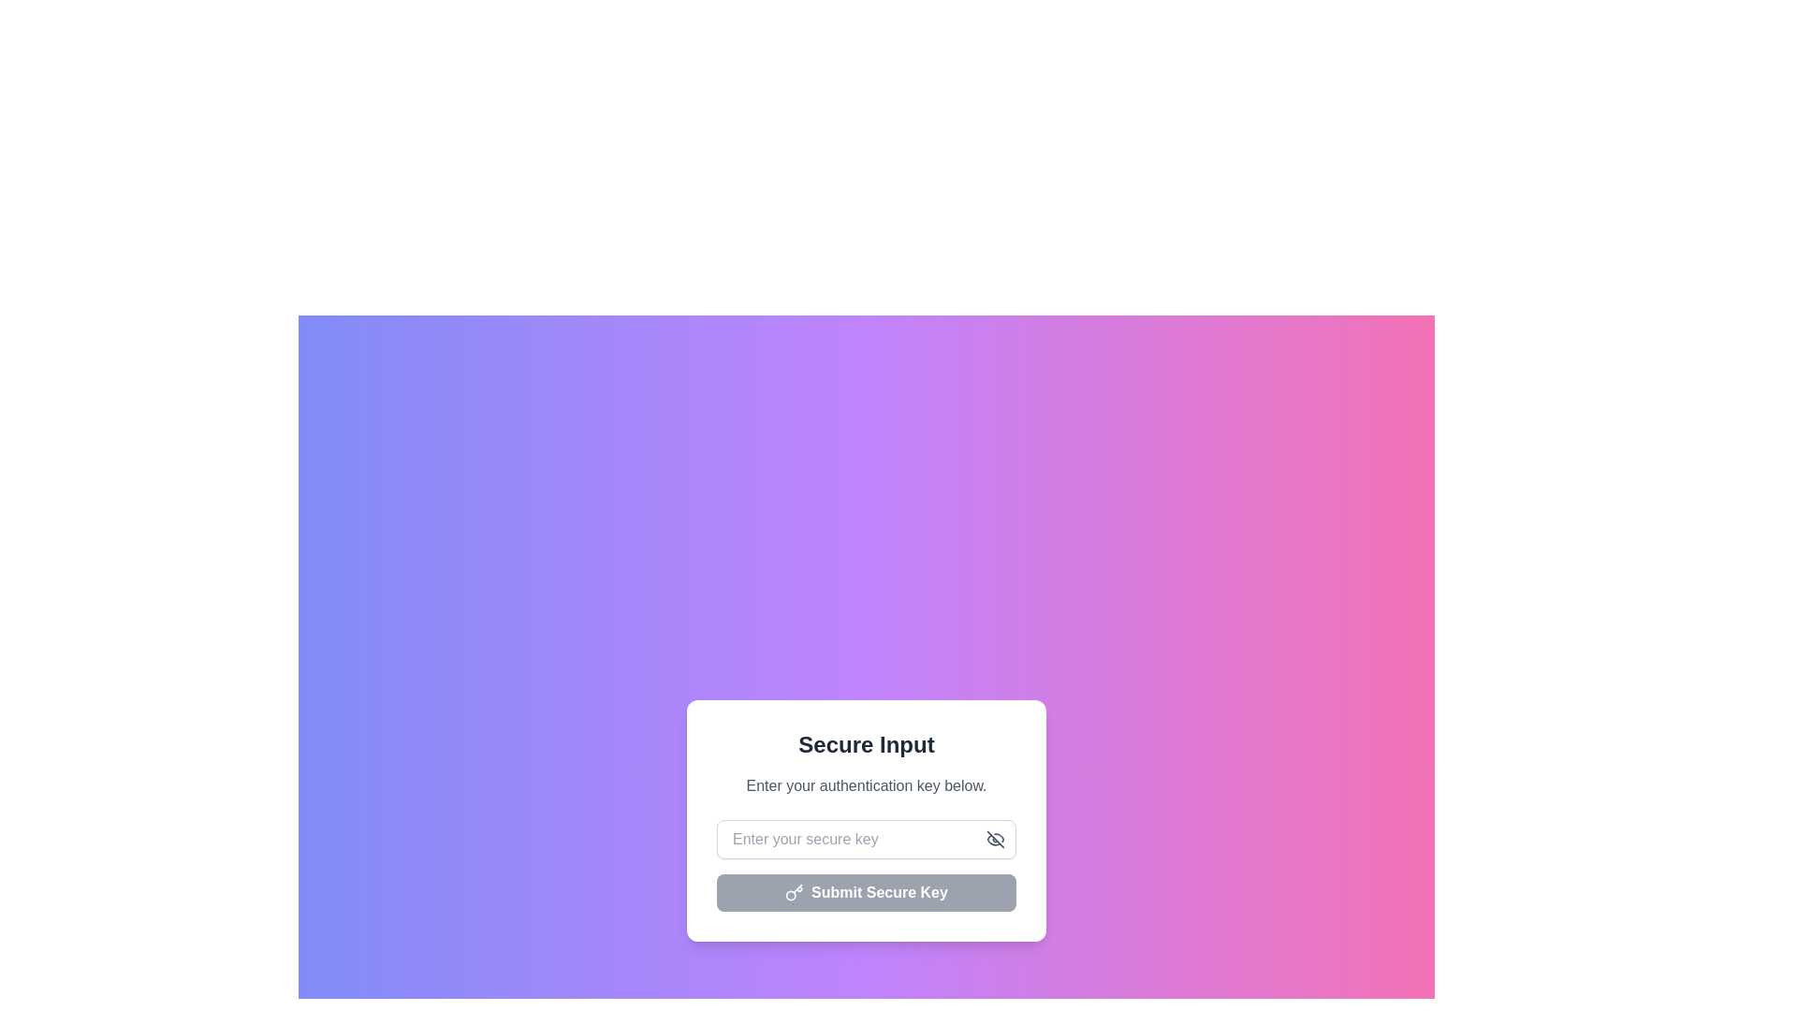  What do you see at coordinates (866, 786) in the screenshot?
I see `static text label that provides instructions for entering the authentication key, located below the heading 'Secure Input' and above the text input field` at bounding box center [866, 786].